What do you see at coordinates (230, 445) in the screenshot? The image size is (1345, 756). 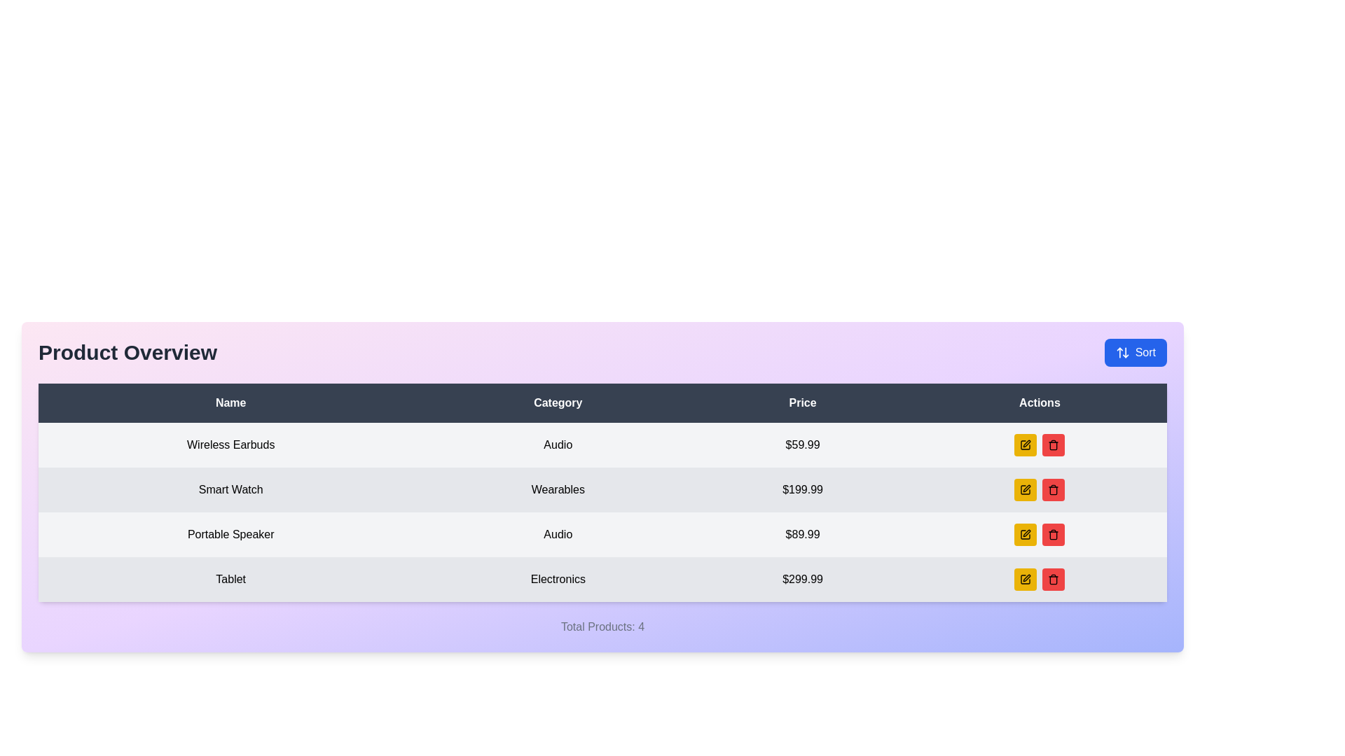 I see `the text element displaying 'Wireless Earbuds' located in the 'Name' column of the table` at bounding box center [230, 445].